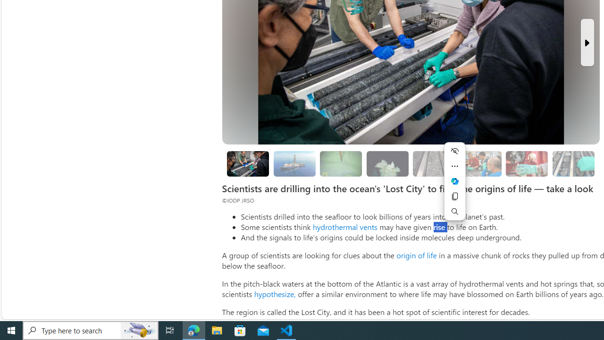 The height and width of the screenshot is (340, 604). Describe the element at coordinates (454, 196) in the screenshot. I see `'Copy'` at that location.